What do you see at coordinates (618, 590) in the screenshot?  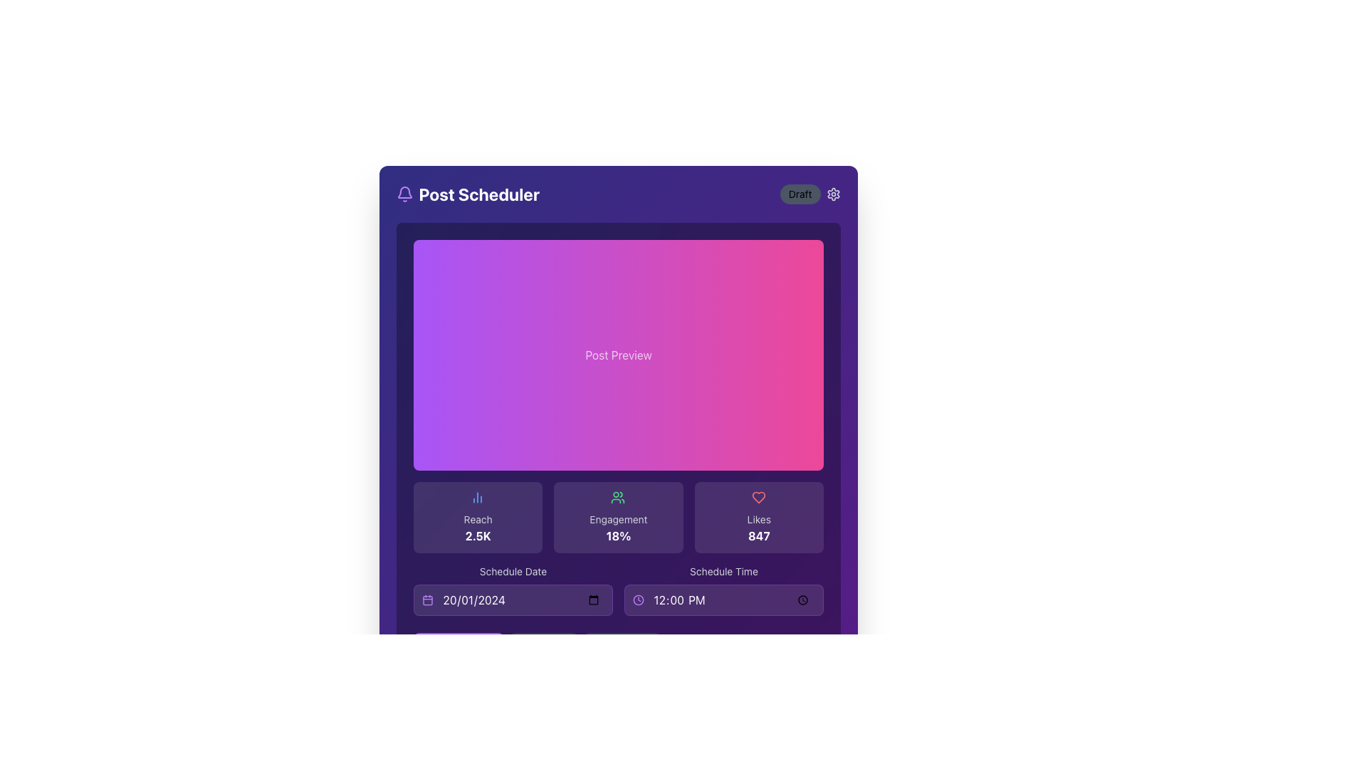 I see `the interactive clock icon within the date and time selection component for accessing time settings, located below the metrics card layout` at bounding box center [618, 590].